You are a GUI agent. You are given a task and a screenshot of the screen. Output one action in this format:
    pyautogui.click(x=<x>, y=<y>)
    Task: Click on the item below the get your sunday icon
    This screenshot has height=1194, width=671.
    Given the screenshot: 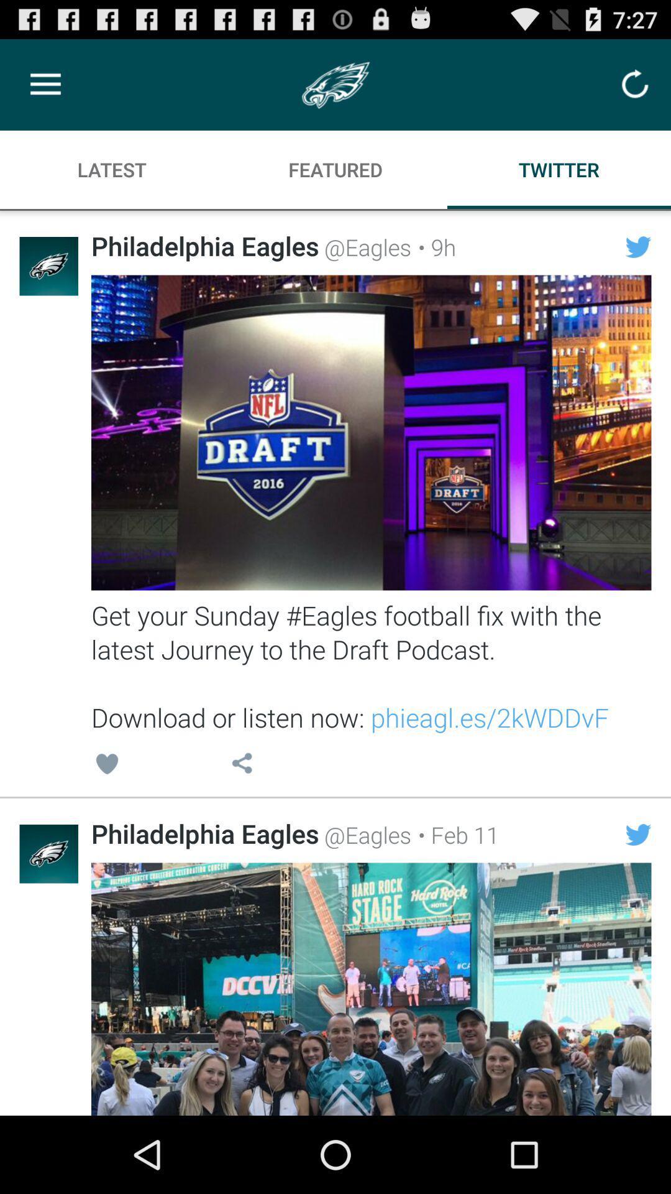 What is the action you would take?
    pyautogui.click(x=455, y=835)
    